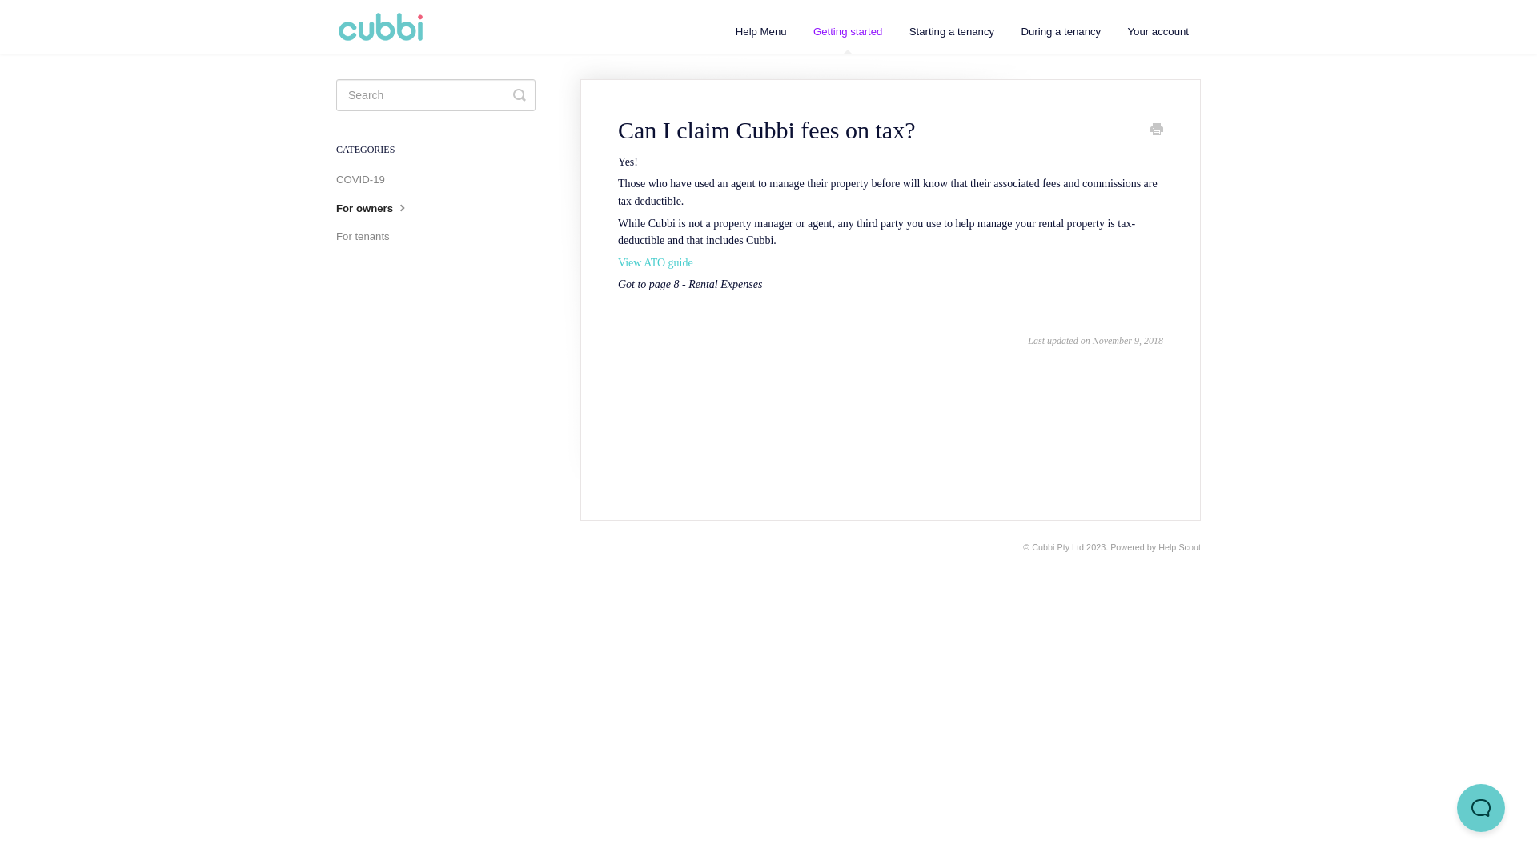 This screenshot has height=864, width=1537. I want to click on 'During a tenancy', so click(1007, 31).